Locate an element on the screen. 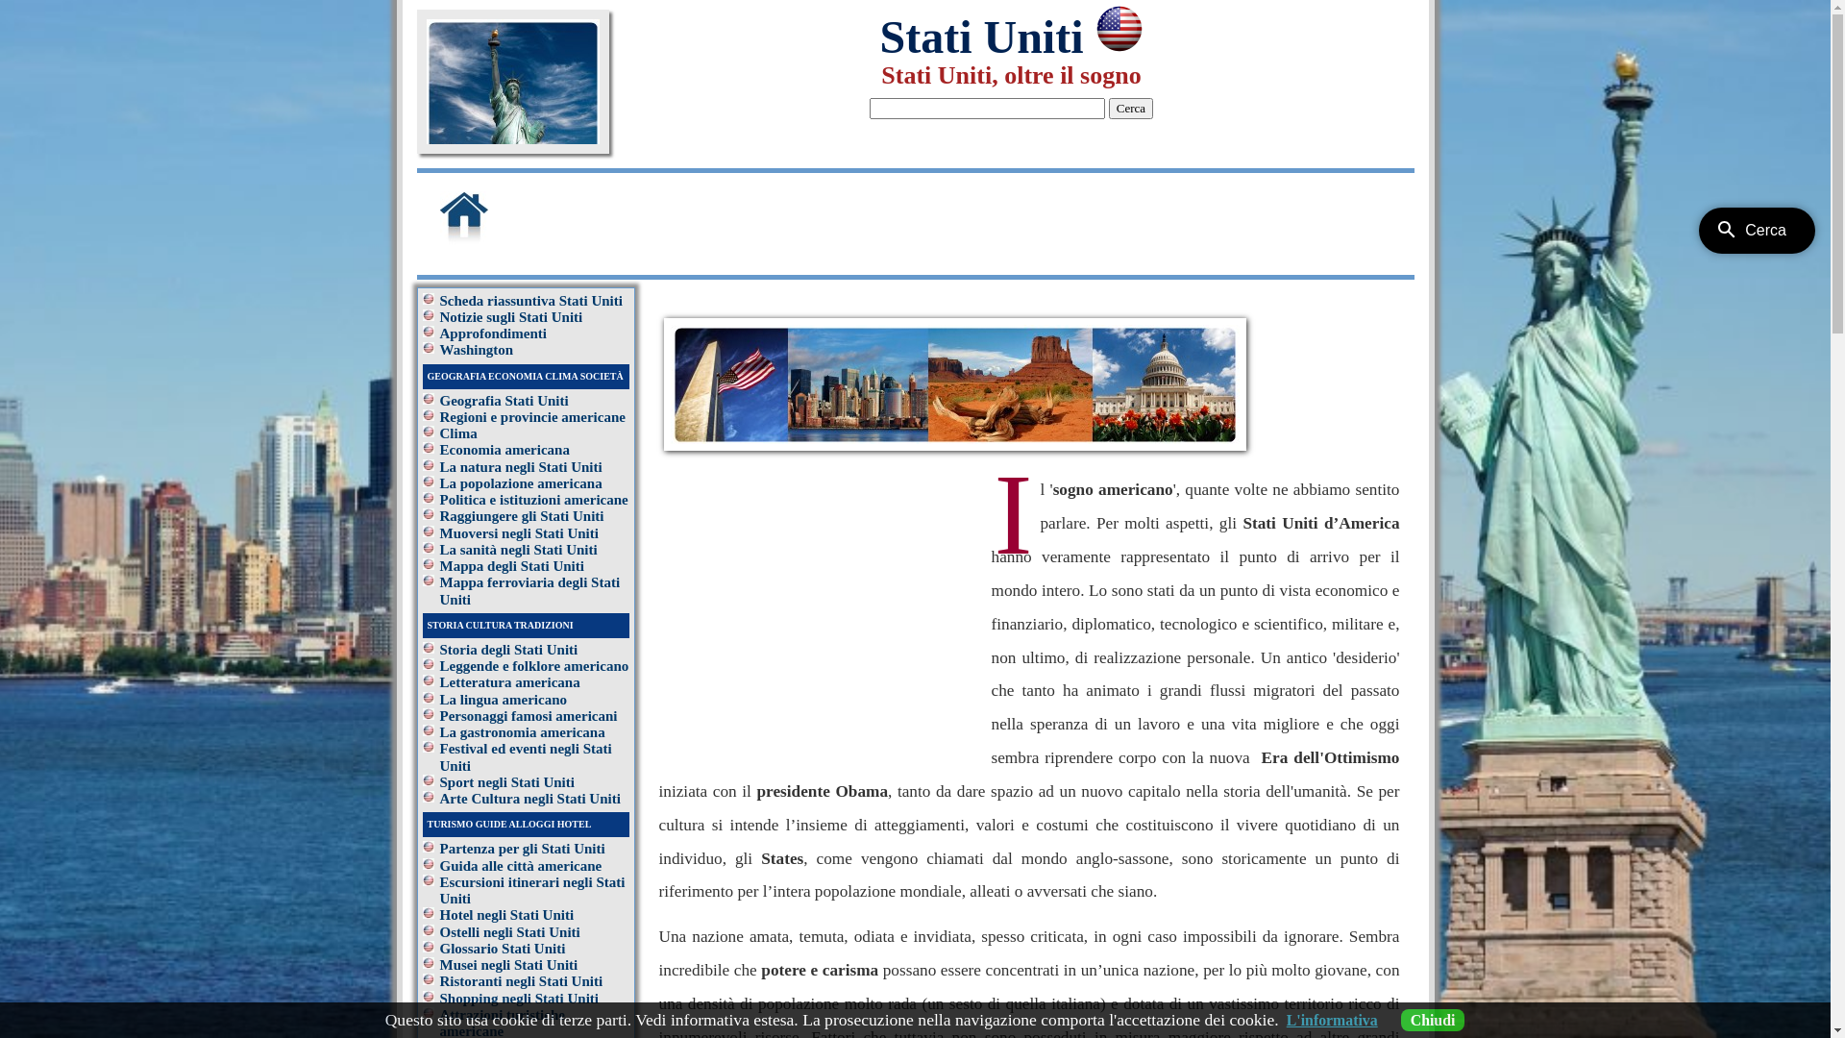 The width and height of the screenshot is (1845, 1038). 'Sport negli Stati Uniti' is located at coordinates (507, 781).